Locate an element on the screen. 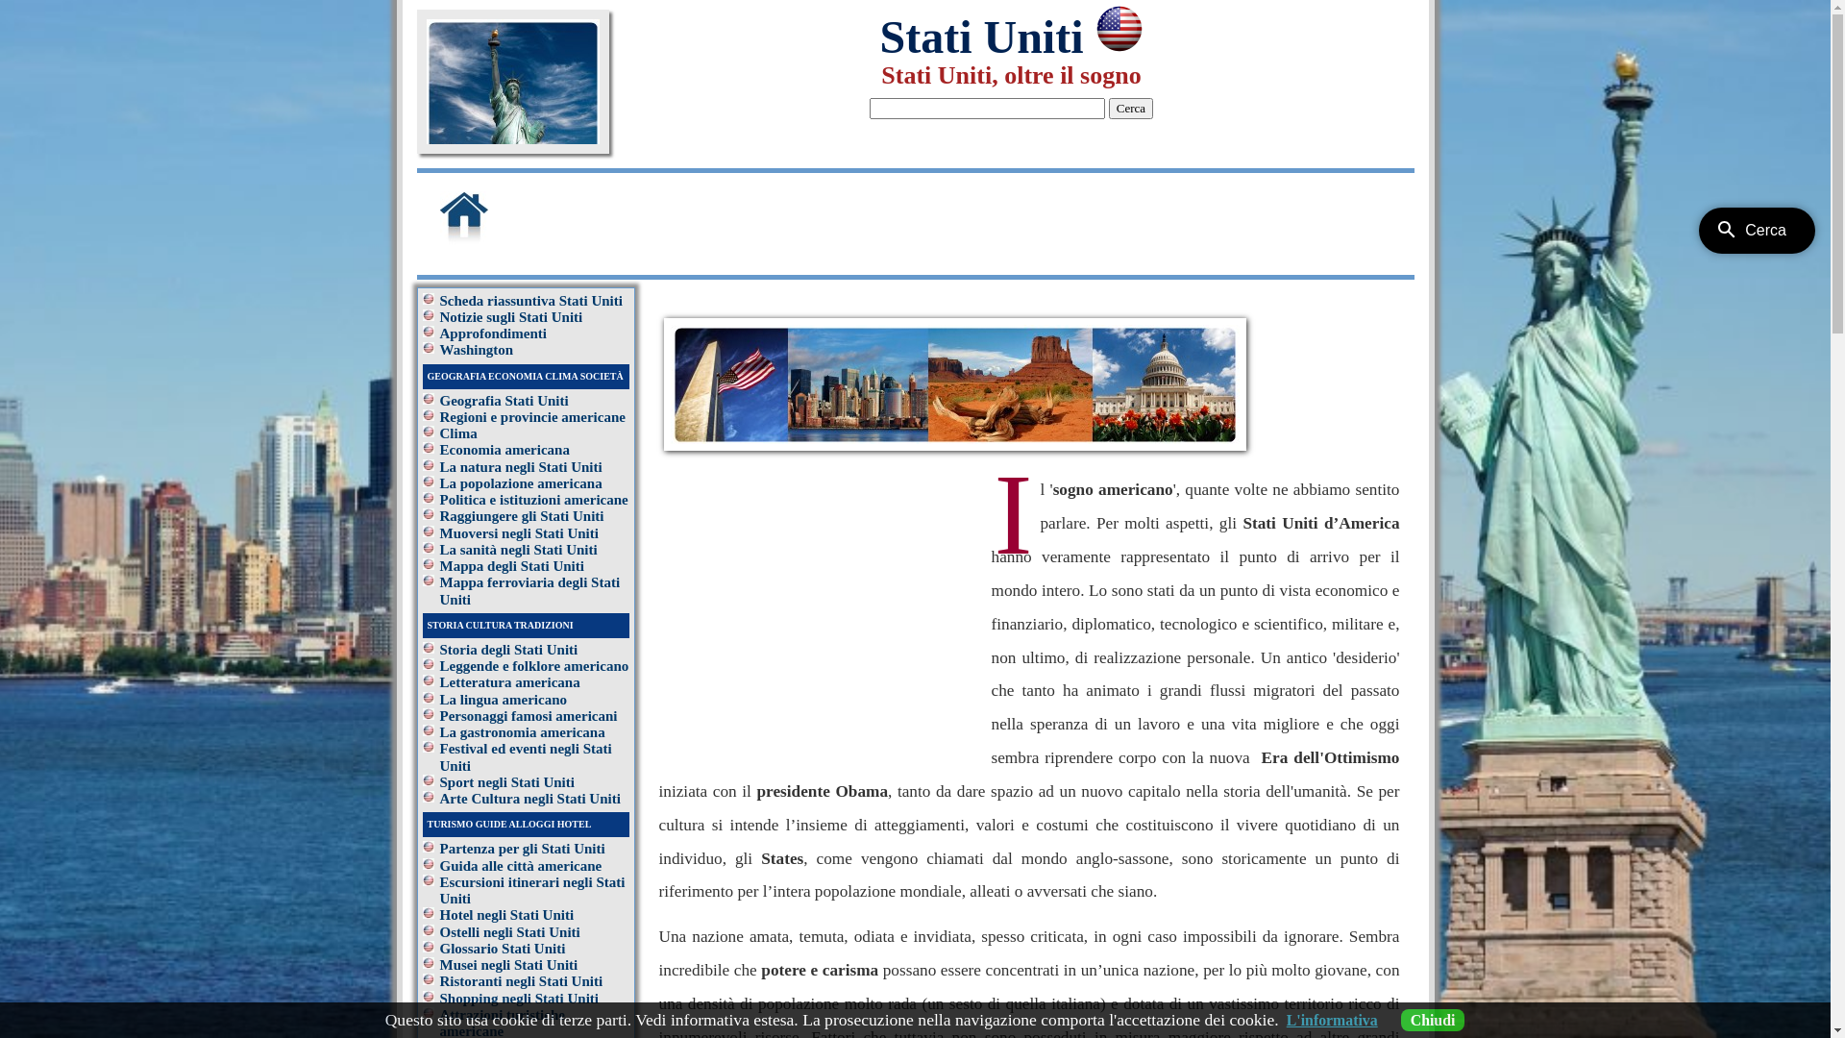 The width and height of the screenshot is (1845, 1038). 'Sport negli Stati Uniti' is located at coordinates (507, 781).